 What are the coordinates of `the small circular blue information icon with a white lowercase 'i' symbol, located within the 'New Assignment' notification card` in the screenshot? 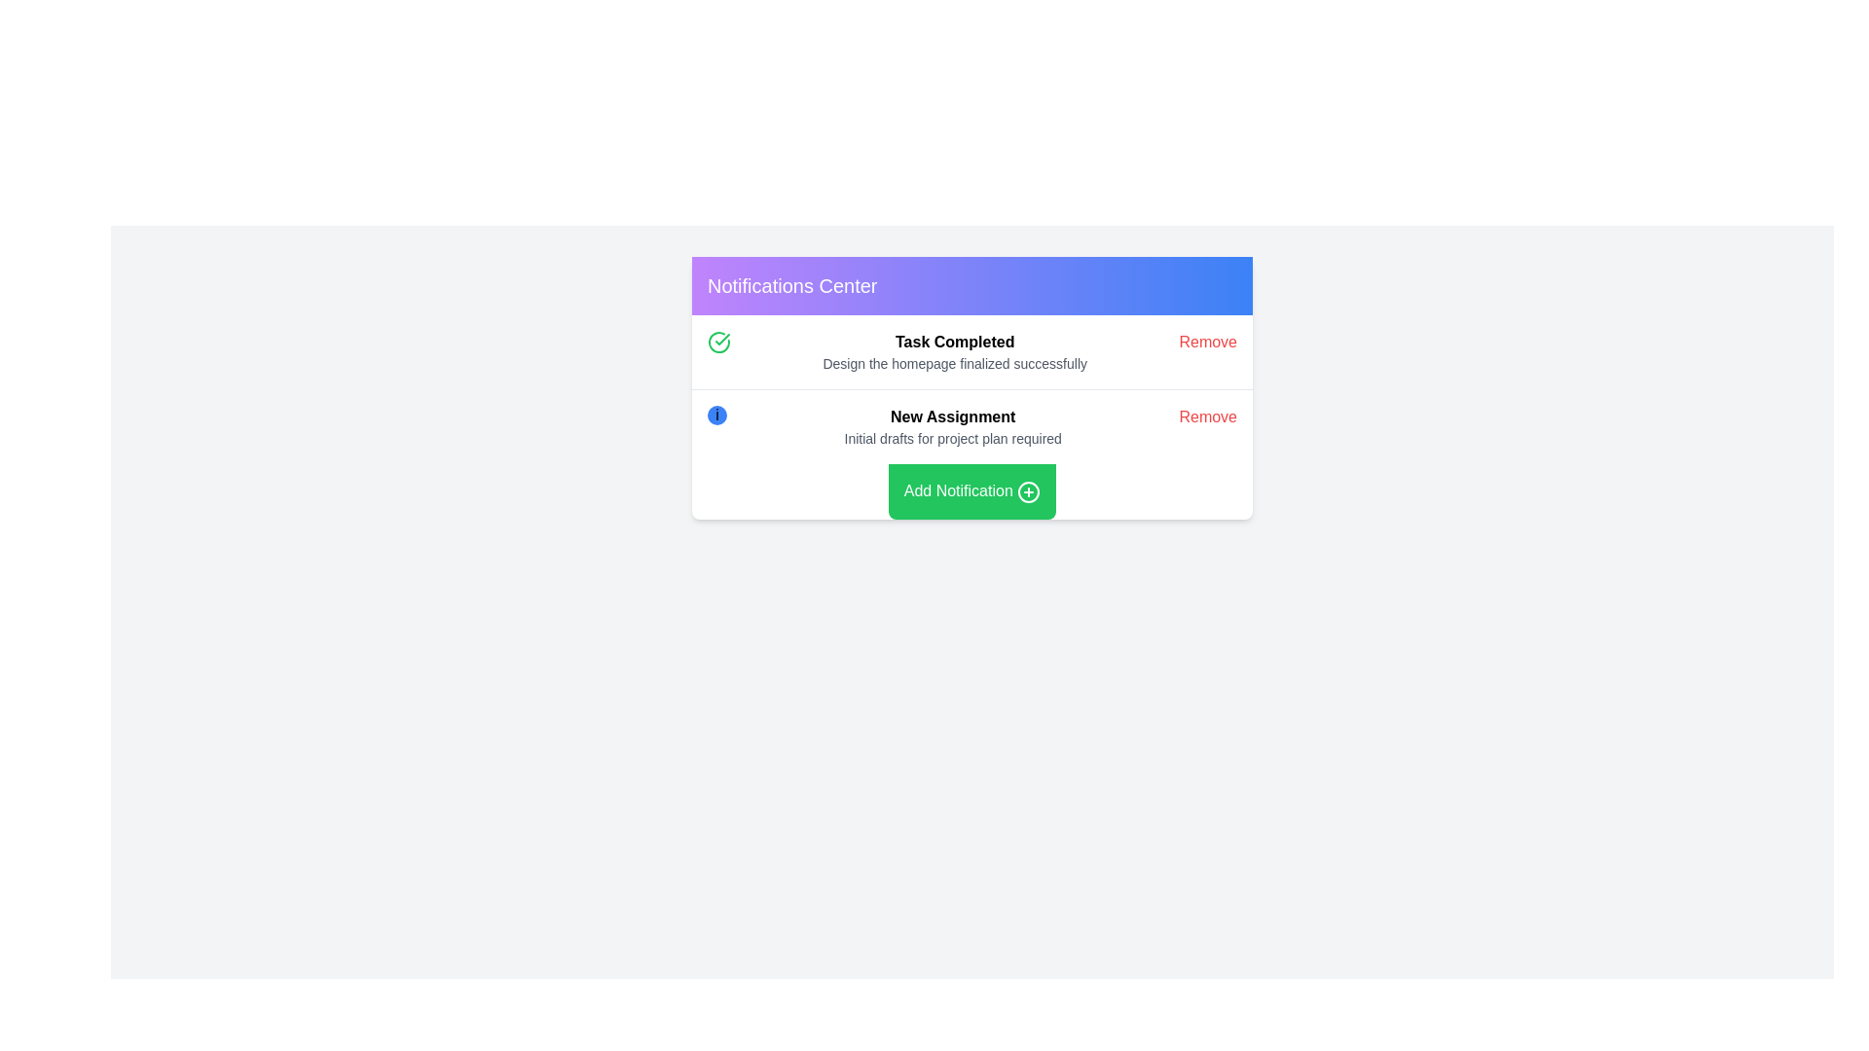 It's located at (716, 415).